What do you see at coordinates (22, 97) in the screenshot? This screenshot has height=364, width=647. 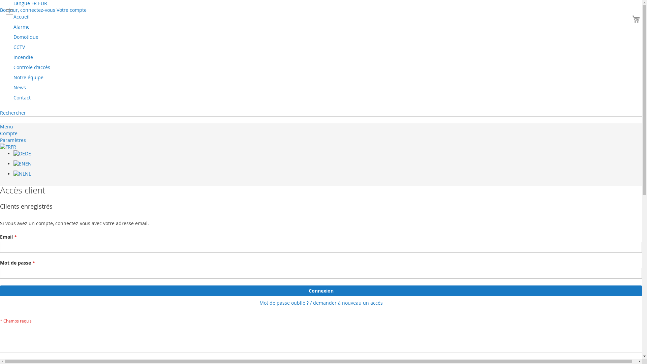 I see `'Contact'` at bounding box center [22, 97].